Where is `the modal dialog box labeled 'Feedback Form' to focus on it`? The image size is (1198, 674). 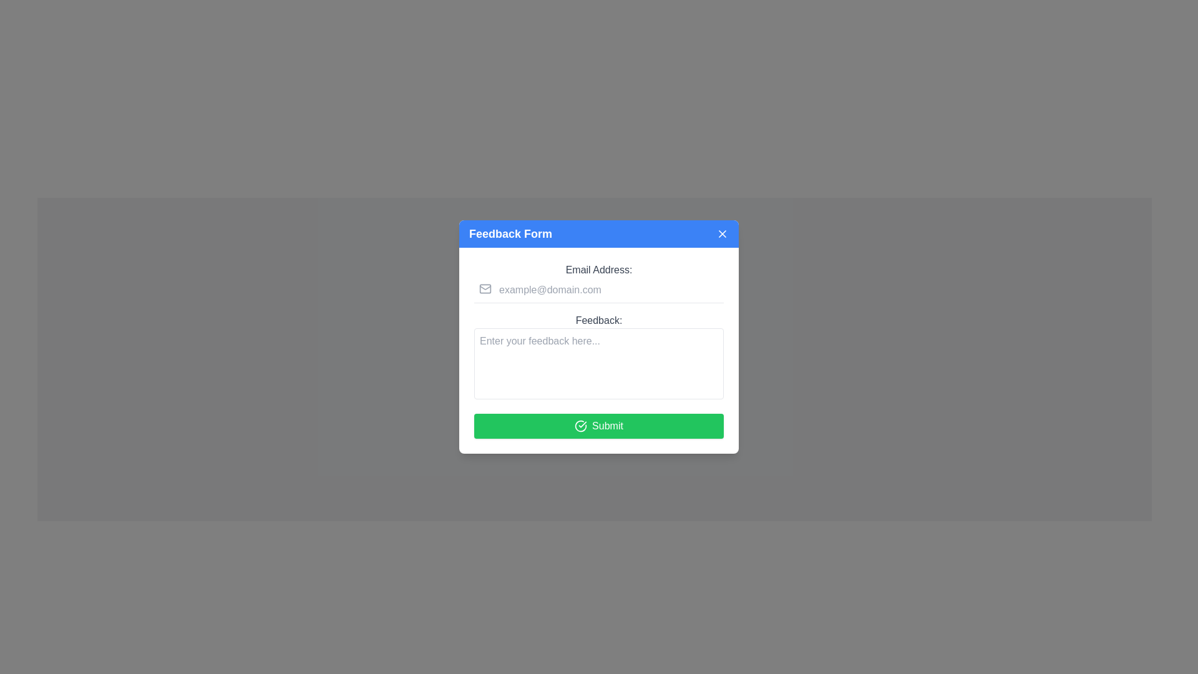
the modal dialog box labeled 'Feedback Form' to focus on it is located at coordinates (599, 337).